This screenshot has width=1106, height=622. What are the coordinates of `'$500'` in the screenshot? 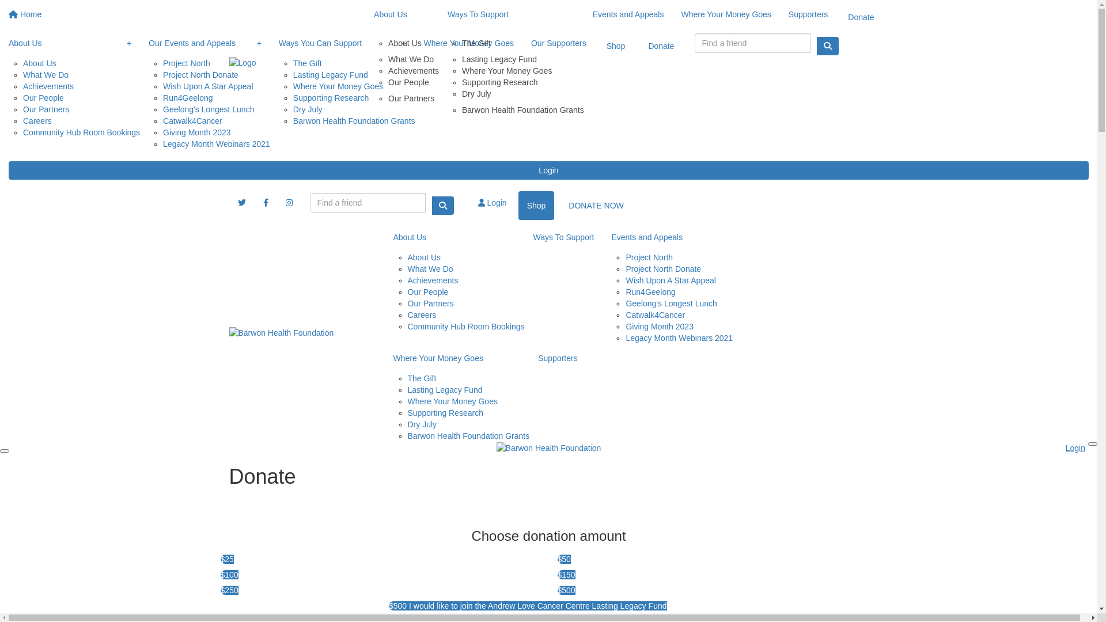 It's located at (547, 588).